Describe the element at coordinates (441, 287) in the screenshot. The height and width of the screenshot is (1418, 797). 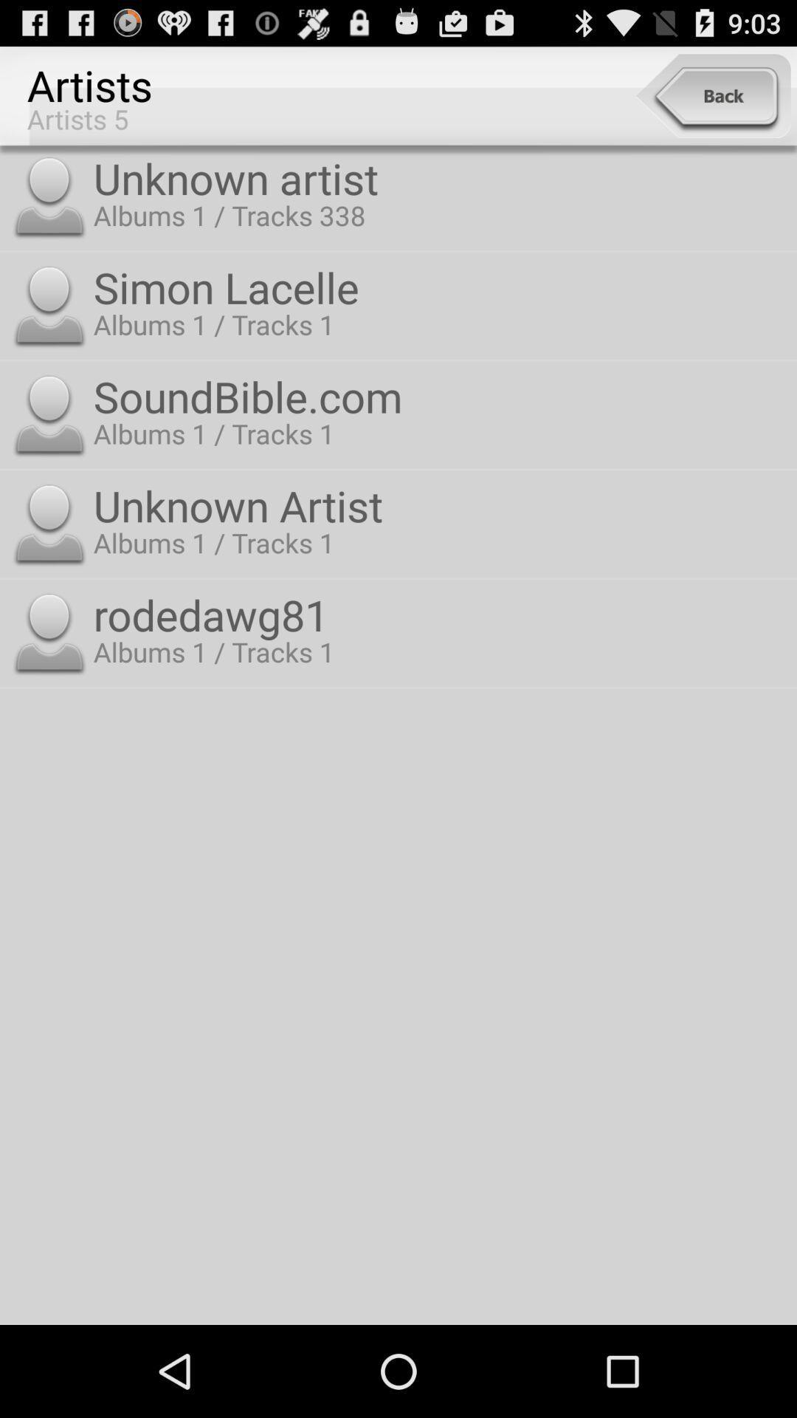
I see `the simon lacelle item` at that location.